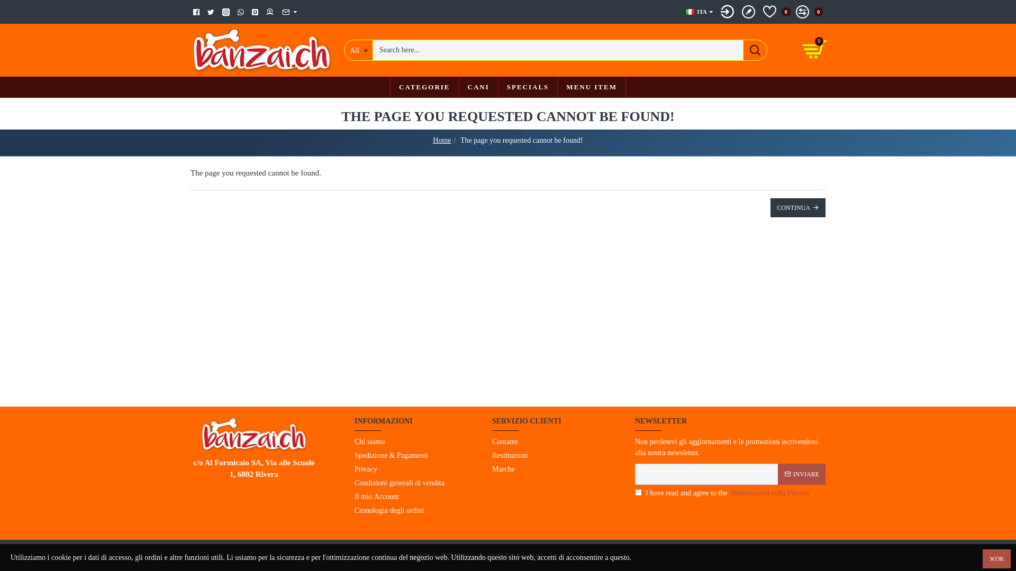 Image resolution: width=1016 pixels, height=571 pixels. I want to click on 'ITA', so click(696, 12).